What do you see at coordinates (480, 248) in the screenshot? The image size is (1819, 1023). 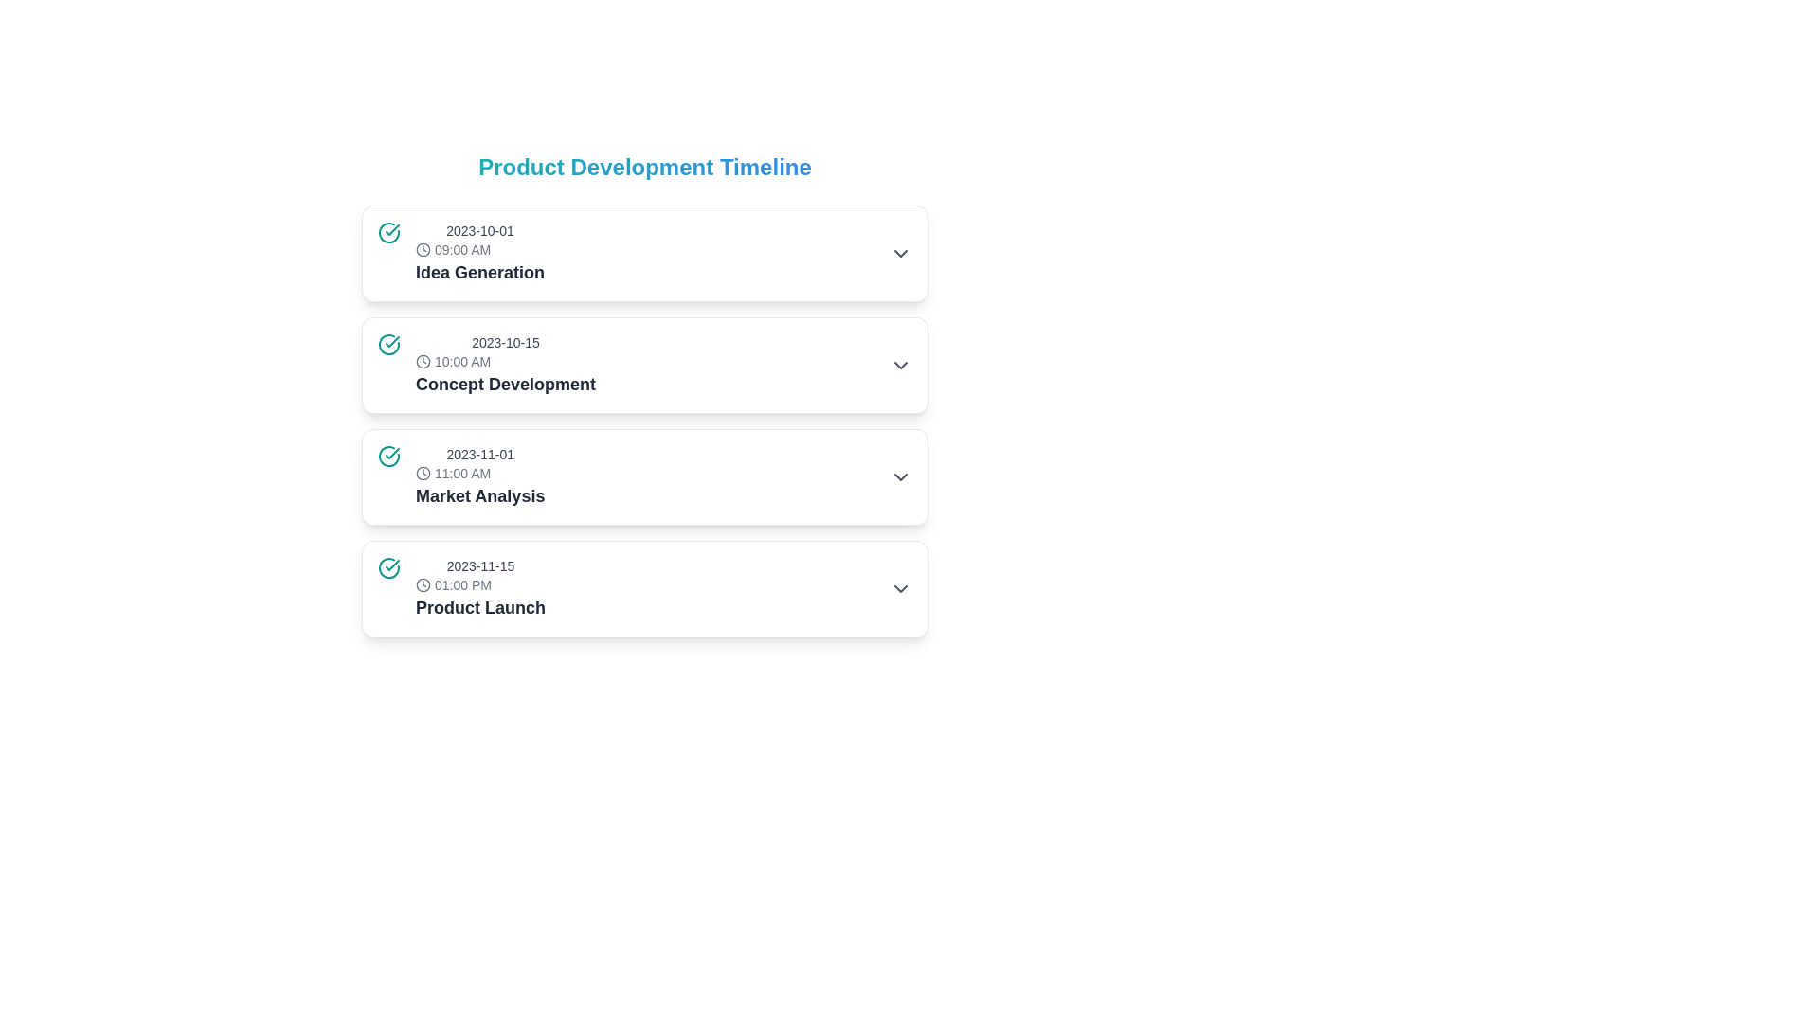 I see `the static text component displaying the start time of the event 'Idea Generation' located in the first row of the timeline list, directly below the date '2023-10-01'` at bounding box center [480, 248].